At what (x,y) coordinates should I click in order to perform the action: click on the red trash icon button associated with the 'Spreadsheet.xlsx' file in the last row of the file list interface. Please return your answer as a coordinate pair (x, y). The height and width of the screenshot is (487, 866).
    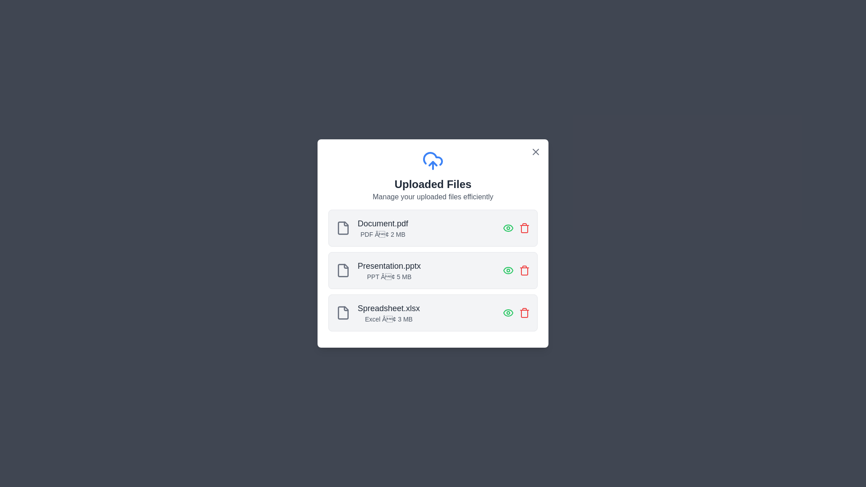
    Looking at the image, I should click on (524, 312).